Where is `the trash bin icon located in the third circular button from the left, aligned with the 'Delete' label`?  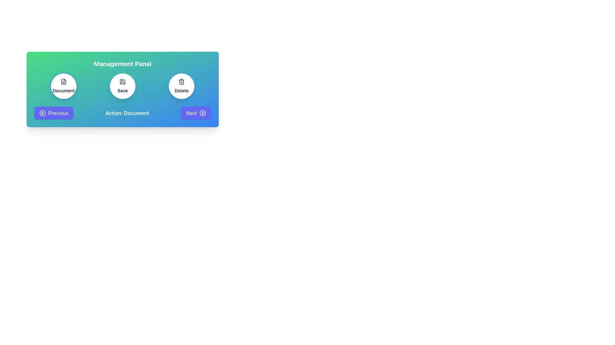
the trash bin icon located in the third circular button from the left, aligned with the 'Delete' label is located at coordinates (181, 81).